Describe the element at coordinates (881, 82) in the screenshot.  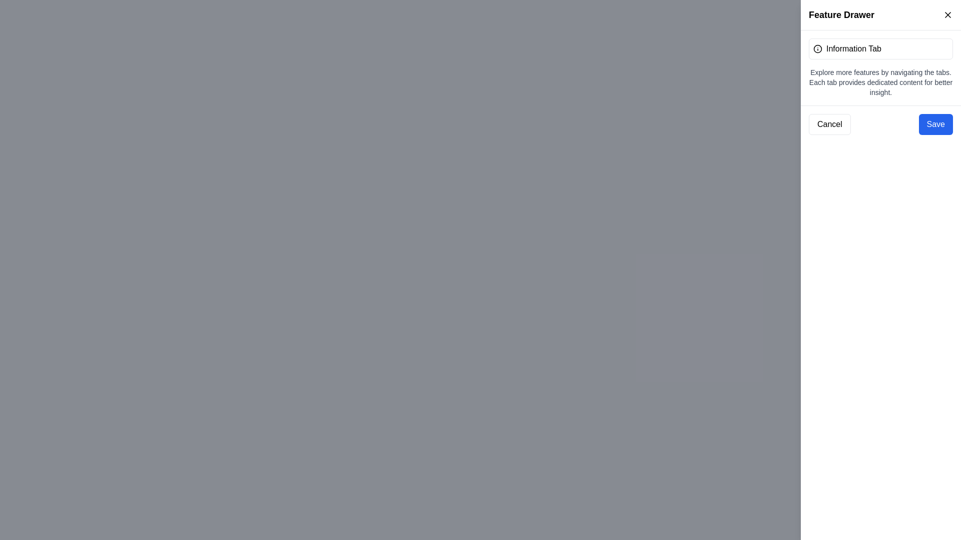
I see `static text styled in a small font size and gray color located below the 'Information Tab' label` at that location.